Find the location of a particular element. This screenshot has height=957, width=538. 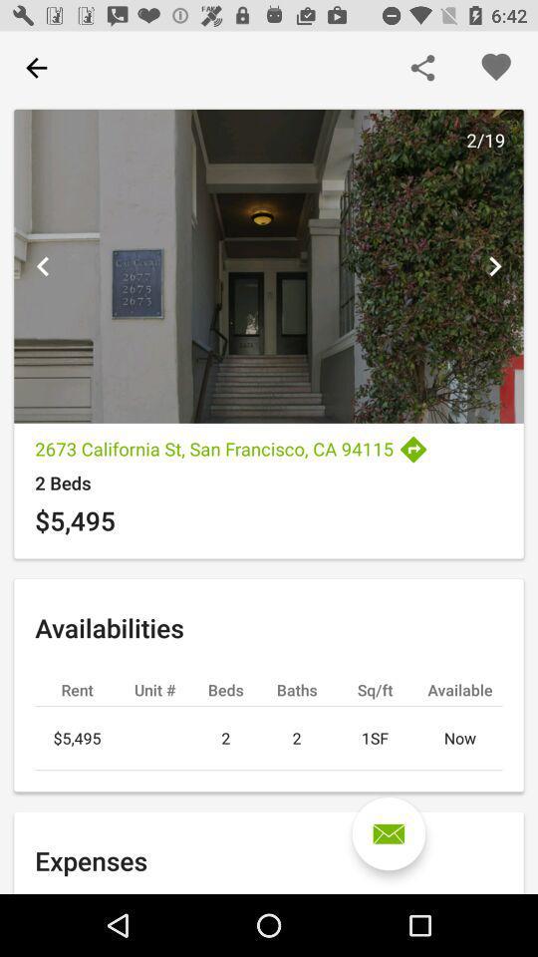

the icon next to the expenses icon is located at coordinates (389, 833).